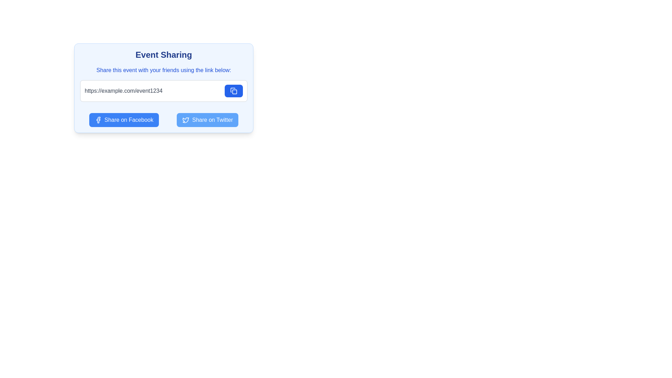  Describe the element at coordinates (233, 90) in the screenshot. I see `the rightmost button that enables users to copy the URL from the adjacent input field to their clipboard` at that location.